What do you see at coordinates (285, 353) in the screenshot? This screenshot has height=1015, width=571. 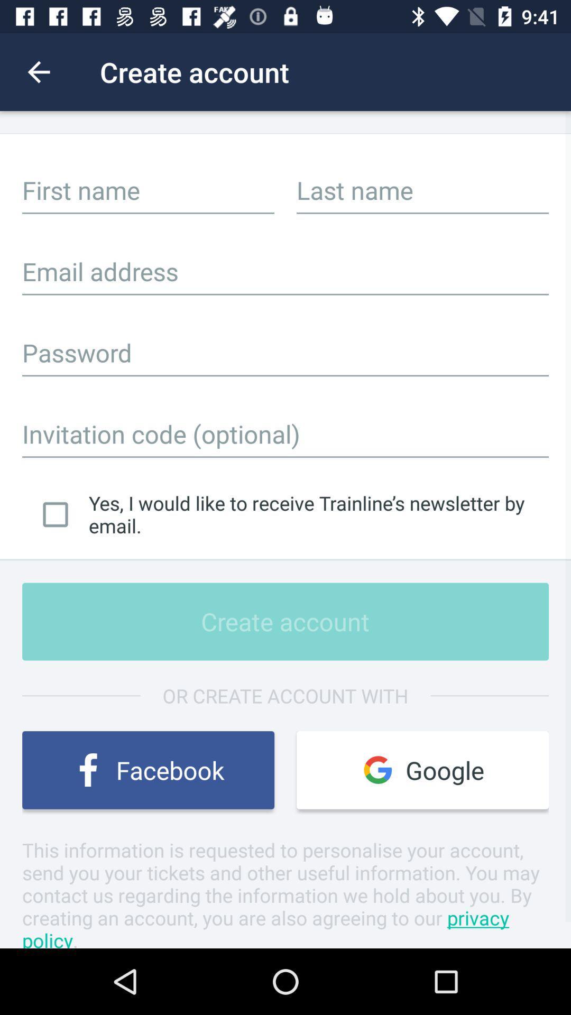 I see `password field` at bounding box center [285, 353].